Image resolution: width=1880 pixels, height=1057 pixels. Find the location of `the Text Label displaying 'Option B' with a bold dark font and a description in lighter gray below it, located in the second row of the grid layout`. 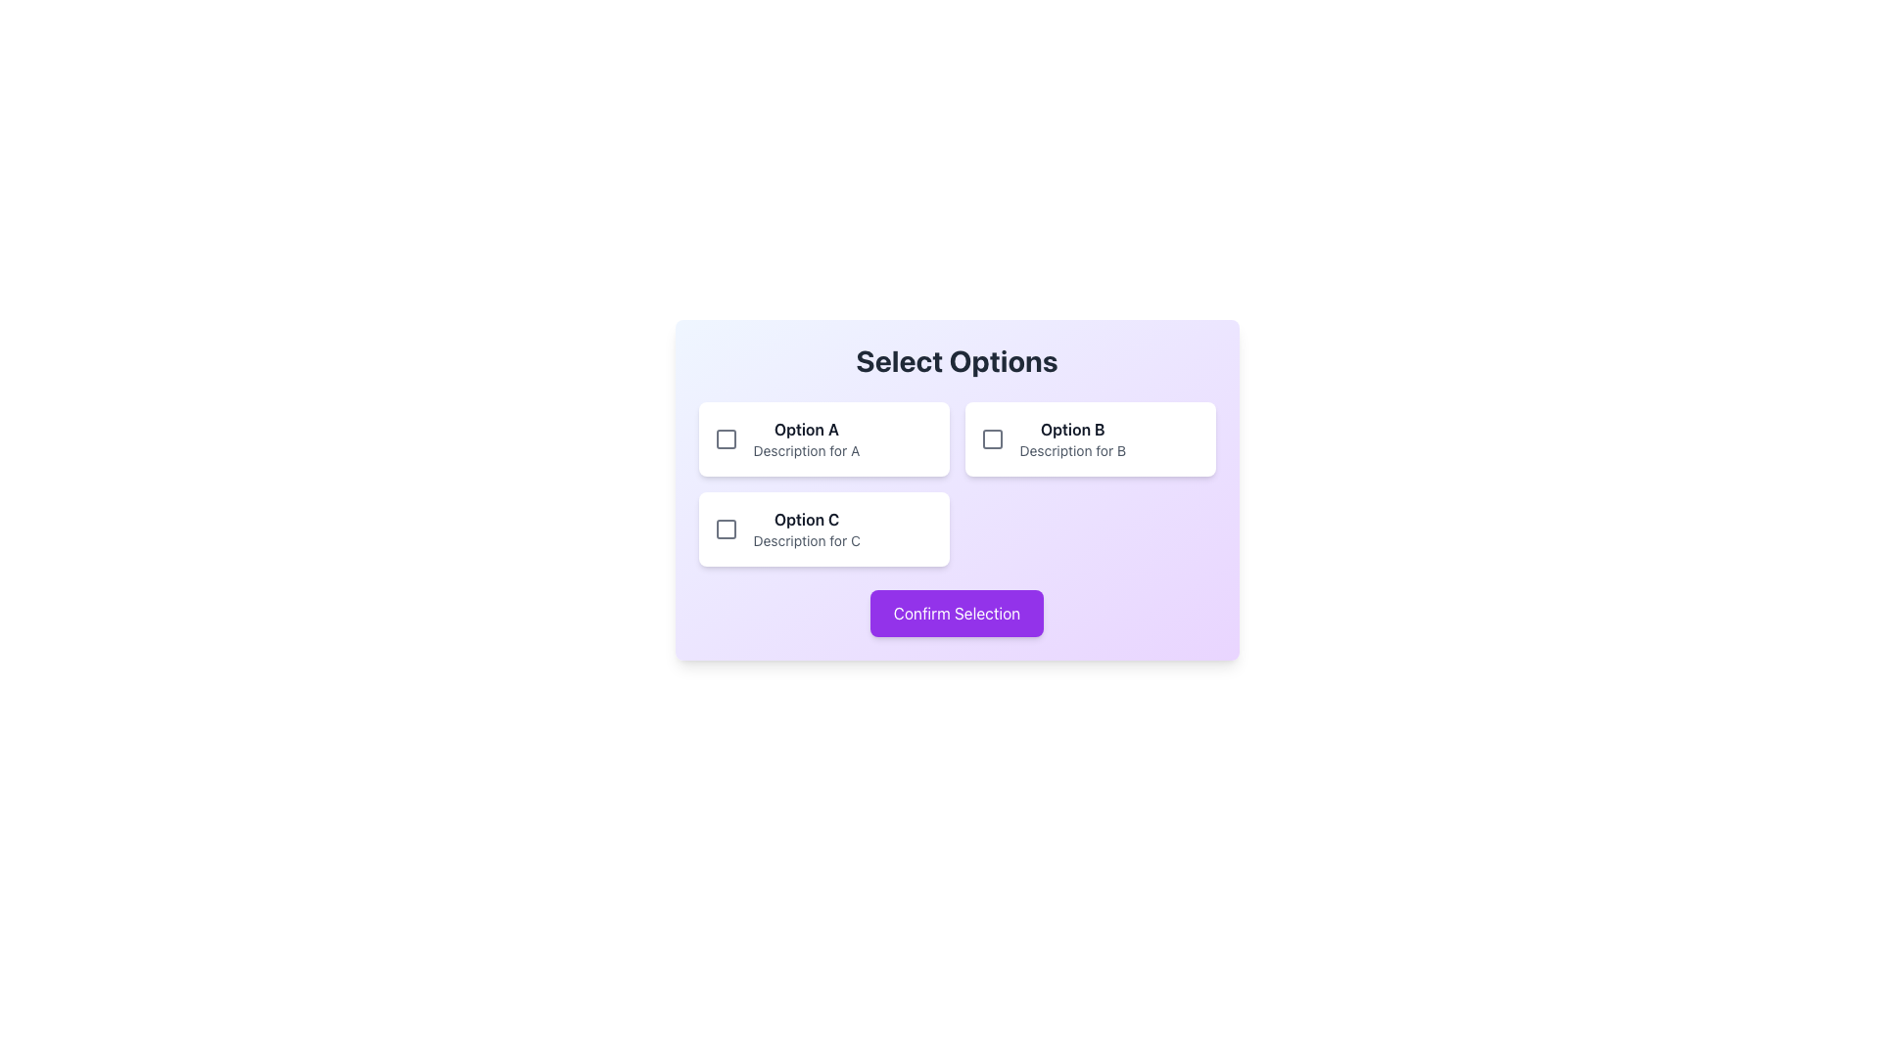

the Text Label displaying 'Option B' with a bold dark font and a description in lighter gray below it, located in the second row of the grid layout is located at coordinates (1071, 437).